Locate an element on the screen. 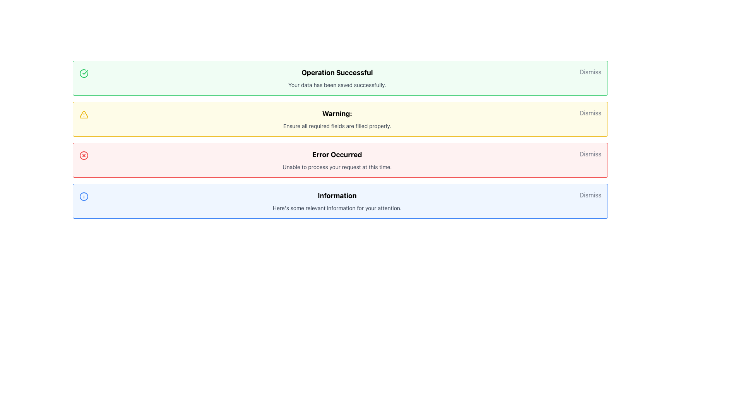 This screenshot has width=743, height=418. the green circular icon with a white checkmark at the top-left corner of the notification bar indicating 'Operation Successful' is located at coordinates (84, 73).